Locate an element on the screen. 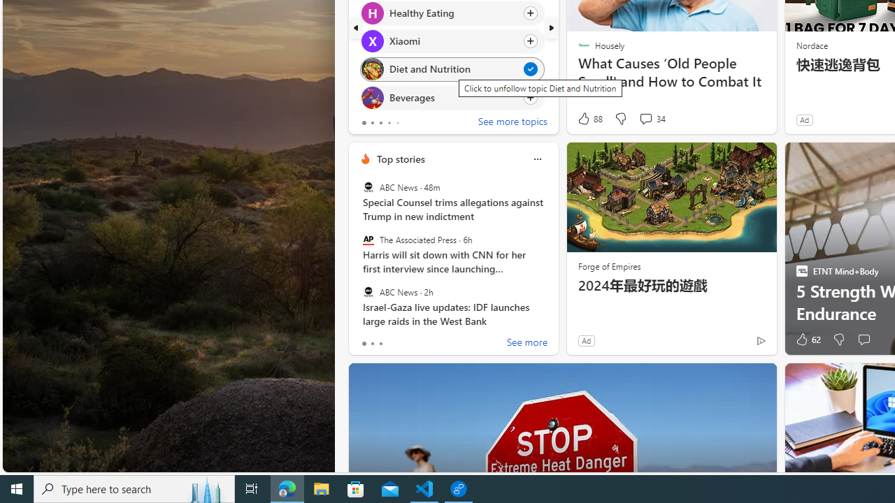 This screenshot has height=503, width=895. 'Start the conversation' is located at coordinates (863, 340).